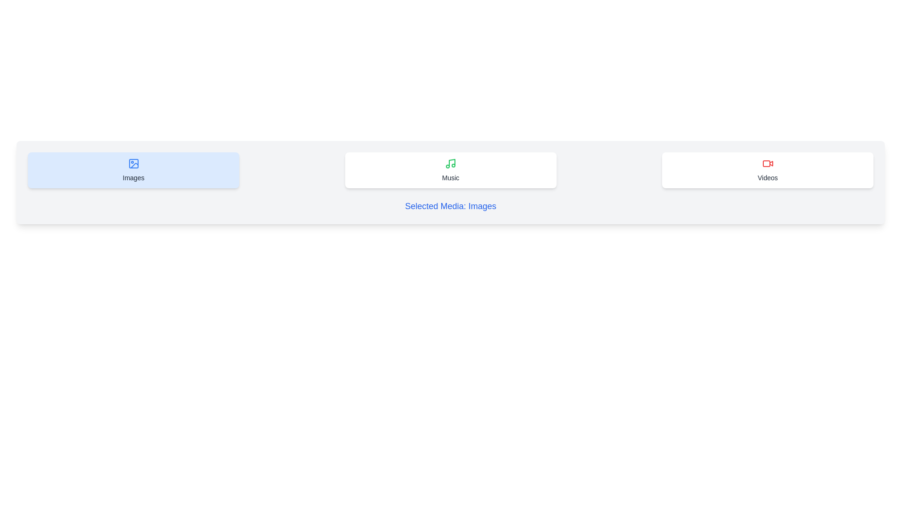 This screenshot has width=908, height=511. I want to click on the 'Videos' button to select it, so click(768, 169).